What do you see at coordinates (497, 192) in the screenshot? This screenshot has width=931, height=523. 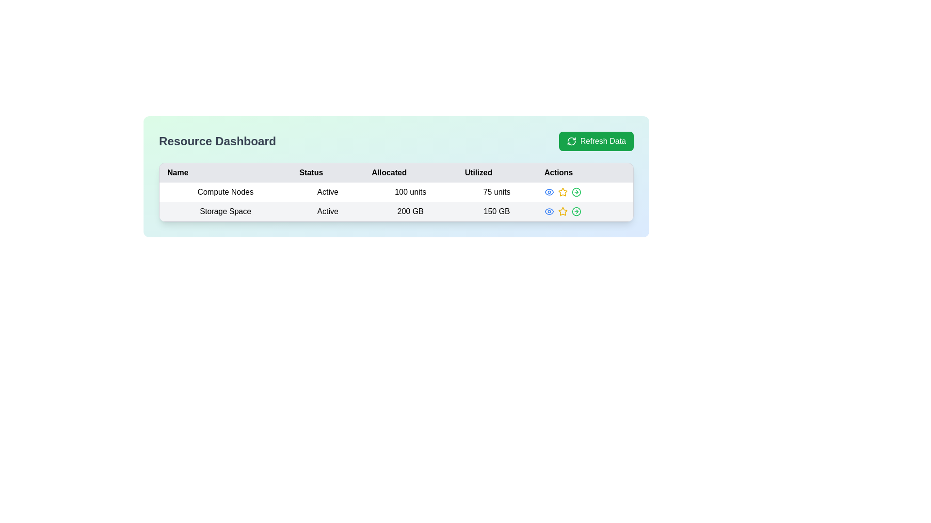 I see `the non-interactive text label displaying the utilized resources for the 'Compute Nodes' entry in the table` at bounding box center [497, 192].